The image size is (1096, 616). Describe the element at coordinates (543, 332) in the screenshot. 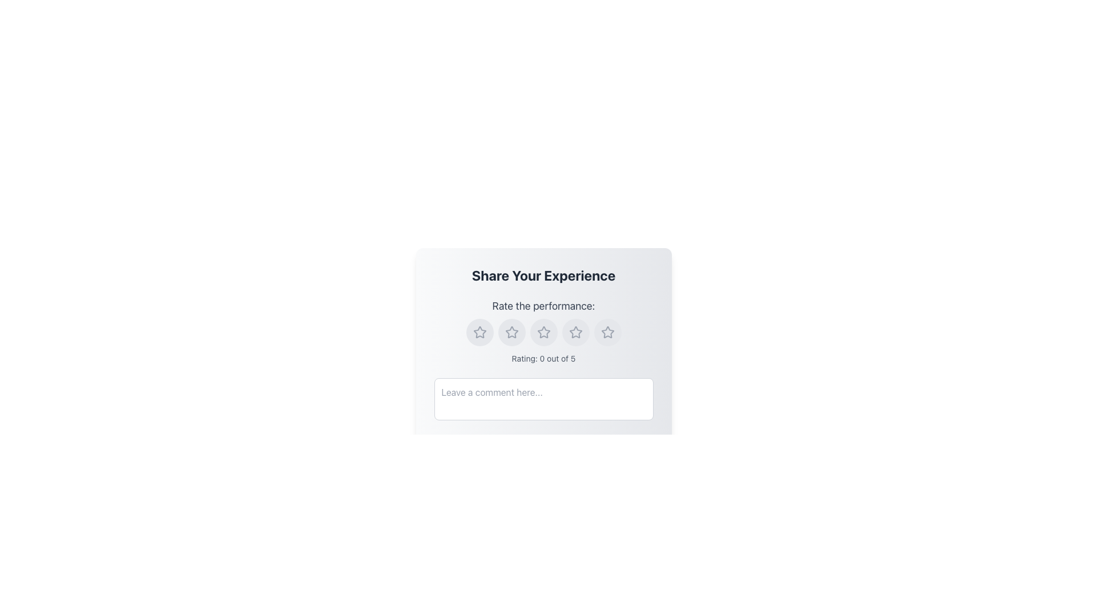

I see `the third star icon in the 5-star rating system, located below 'Rate the performance:' and above 'Rating: 0 out of 5.'` at that location.